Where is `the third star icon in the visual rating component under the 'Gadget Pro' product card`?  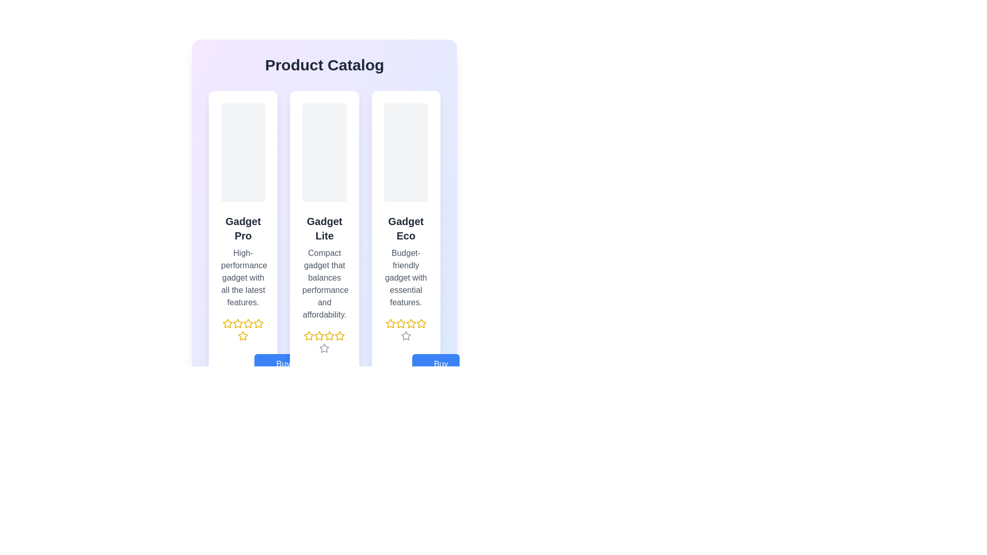
the third star icon in the visual rating component under the 'Gadget Pro' product card is located at coordinates (237, 323).